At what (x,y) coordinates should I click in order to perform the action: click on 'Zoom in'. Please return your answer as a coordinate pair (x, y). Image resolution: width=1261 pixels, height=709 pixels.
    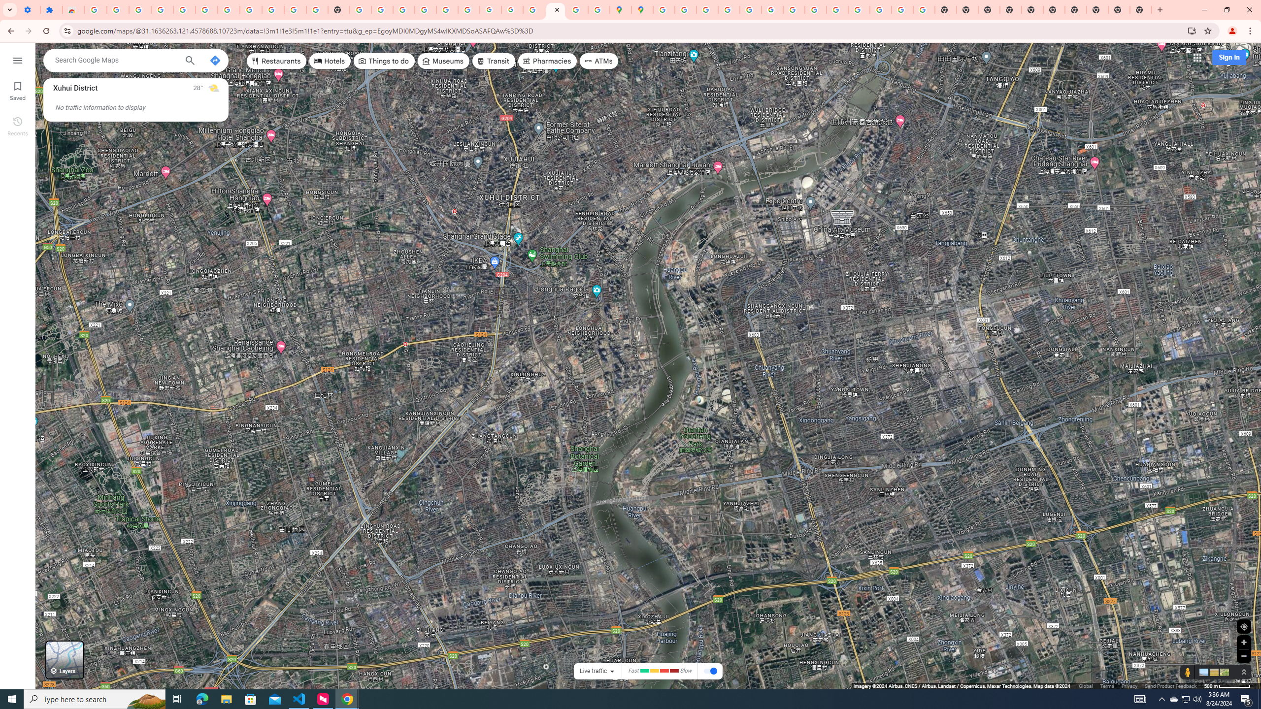
    Looking at the image, I should click on (1243, 642).